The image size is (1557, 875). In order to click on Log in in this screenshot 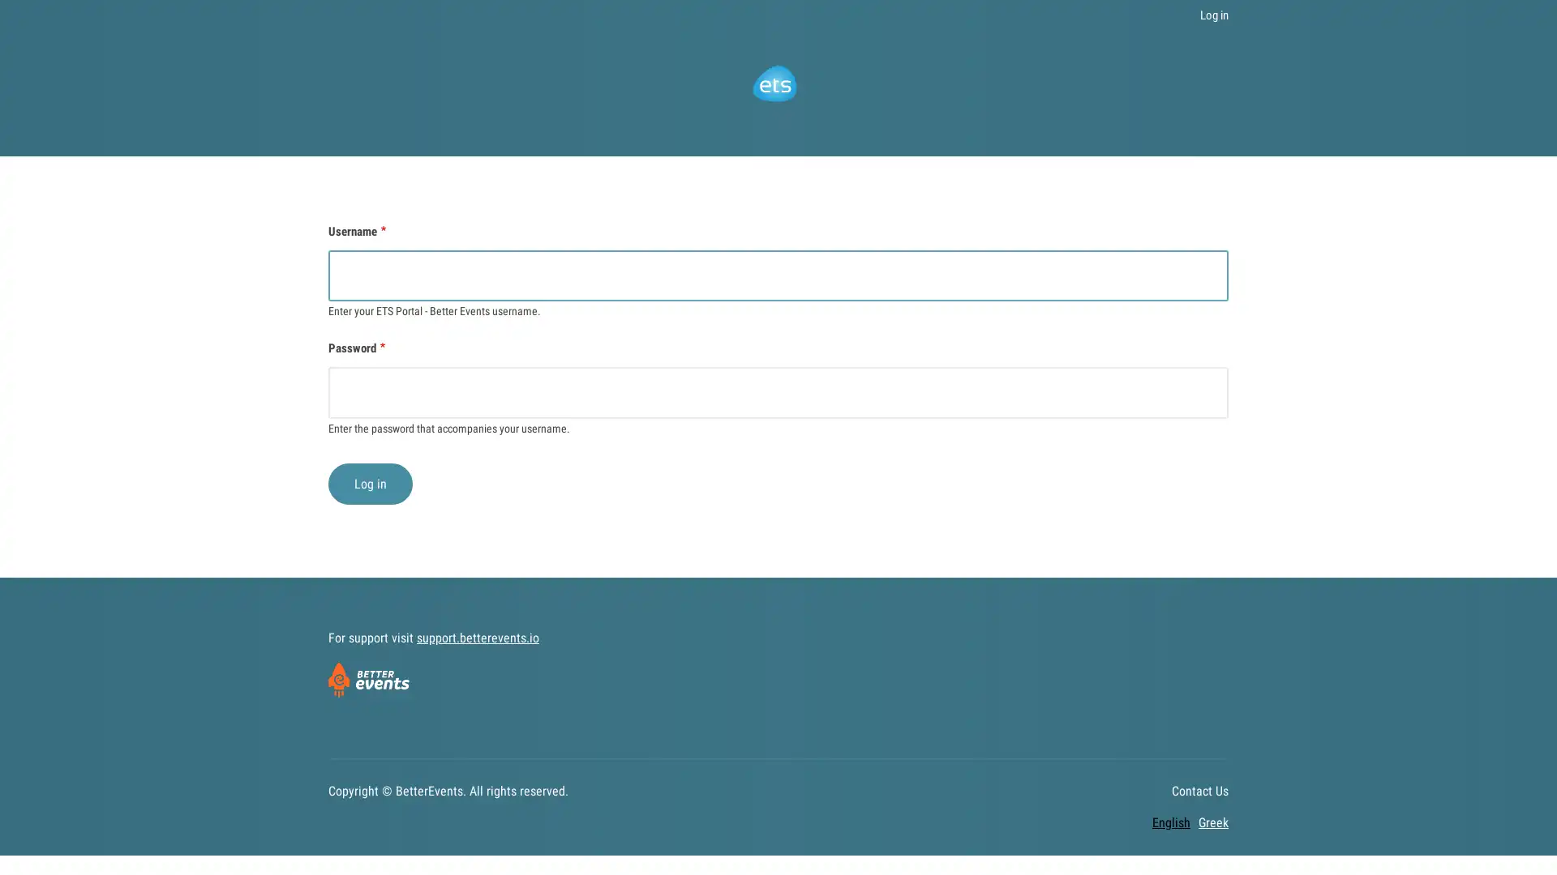, I will do `click(369, 482)`.